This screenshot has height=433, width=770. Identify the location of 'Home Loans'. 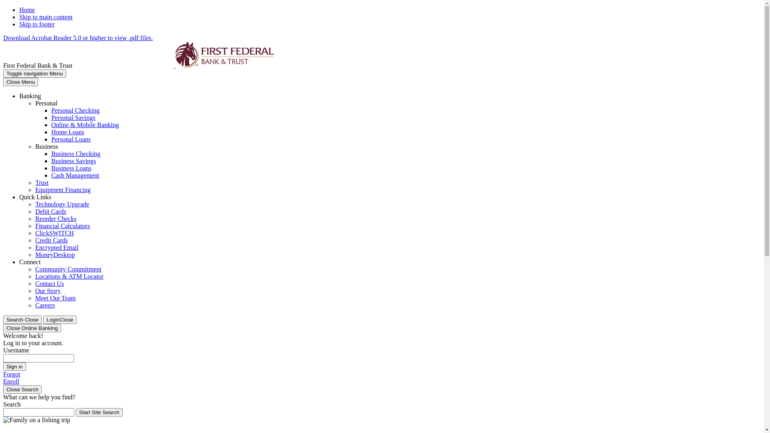
(67, 132).